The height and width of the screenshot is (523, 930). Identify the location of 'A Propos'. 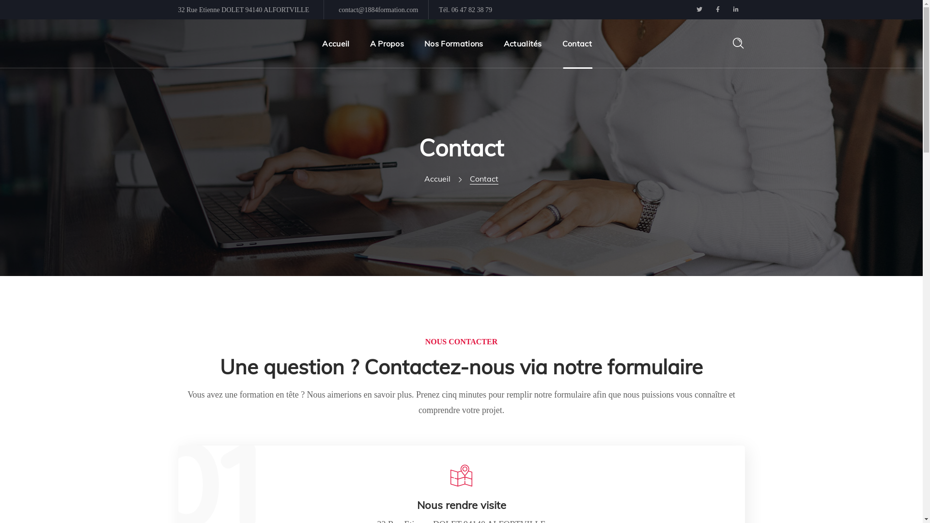
(387, 43).